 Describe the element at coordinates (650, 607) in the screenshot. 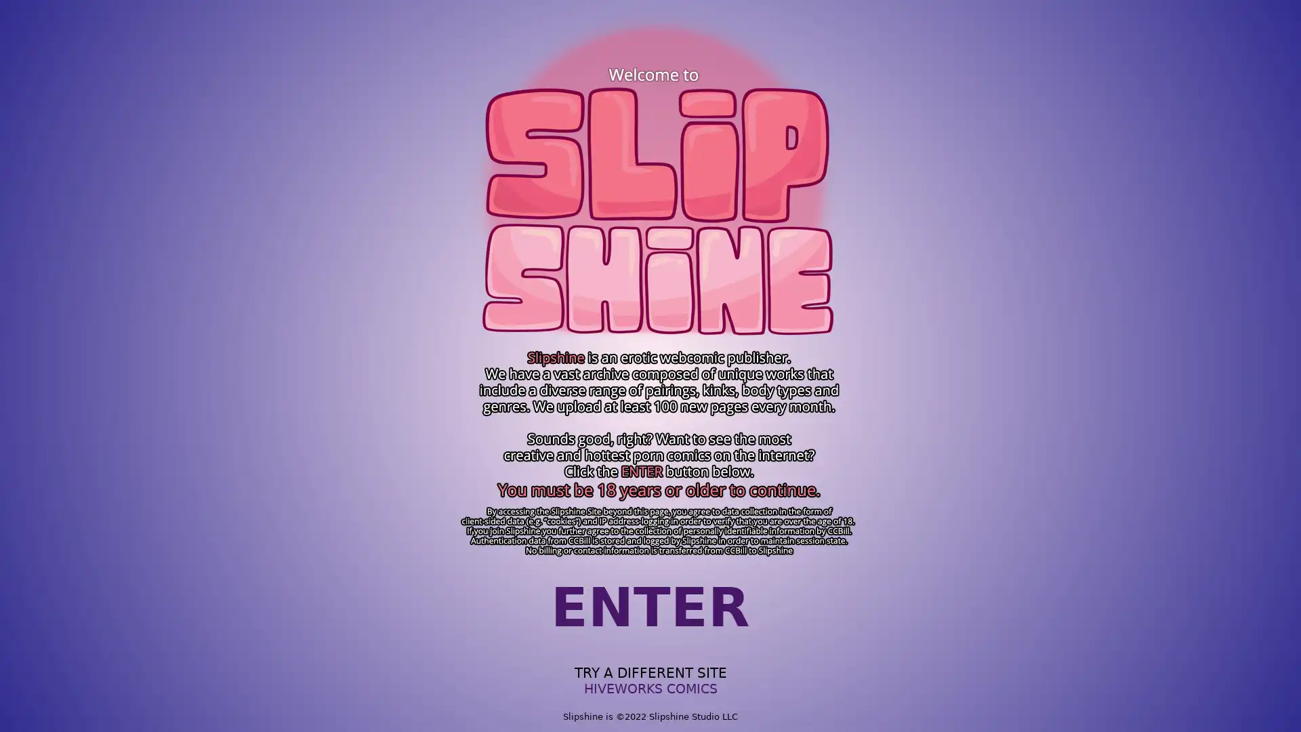

I see `ENTER` at that location.